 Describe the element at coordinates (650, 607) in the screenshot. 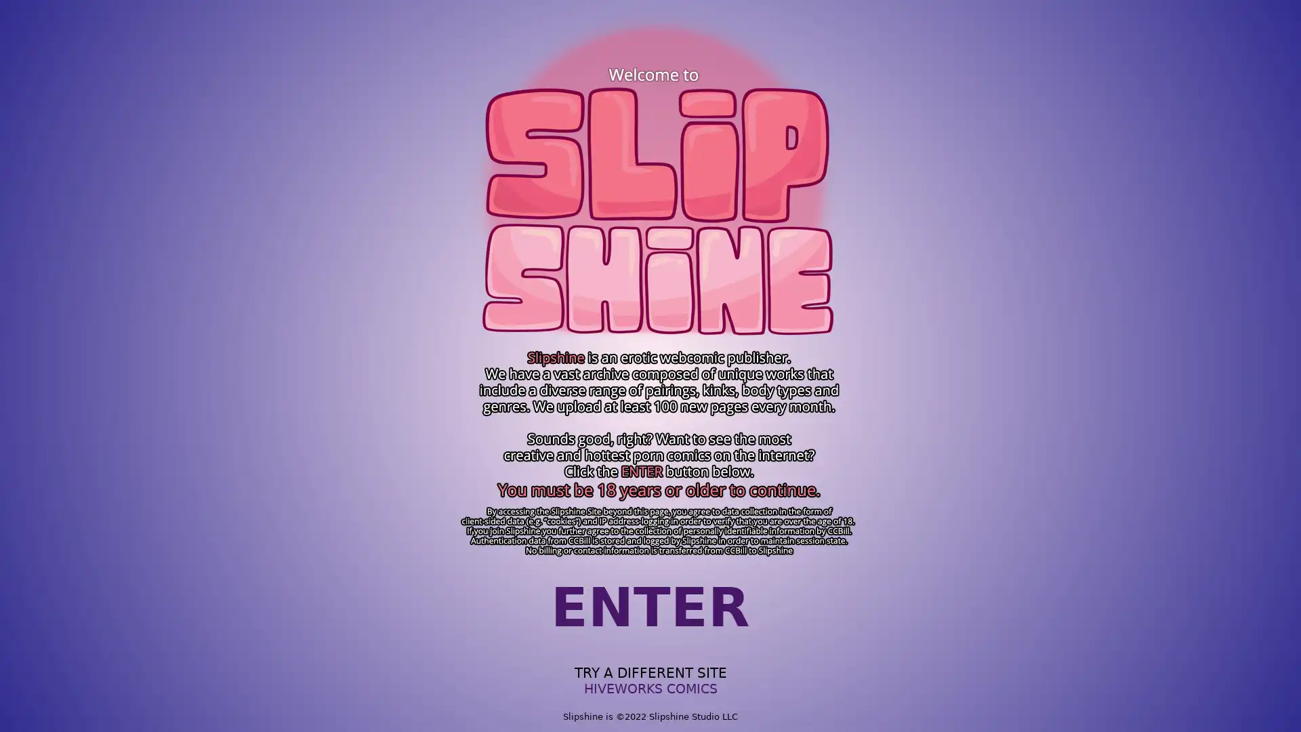

I see `ENTER` at that location.